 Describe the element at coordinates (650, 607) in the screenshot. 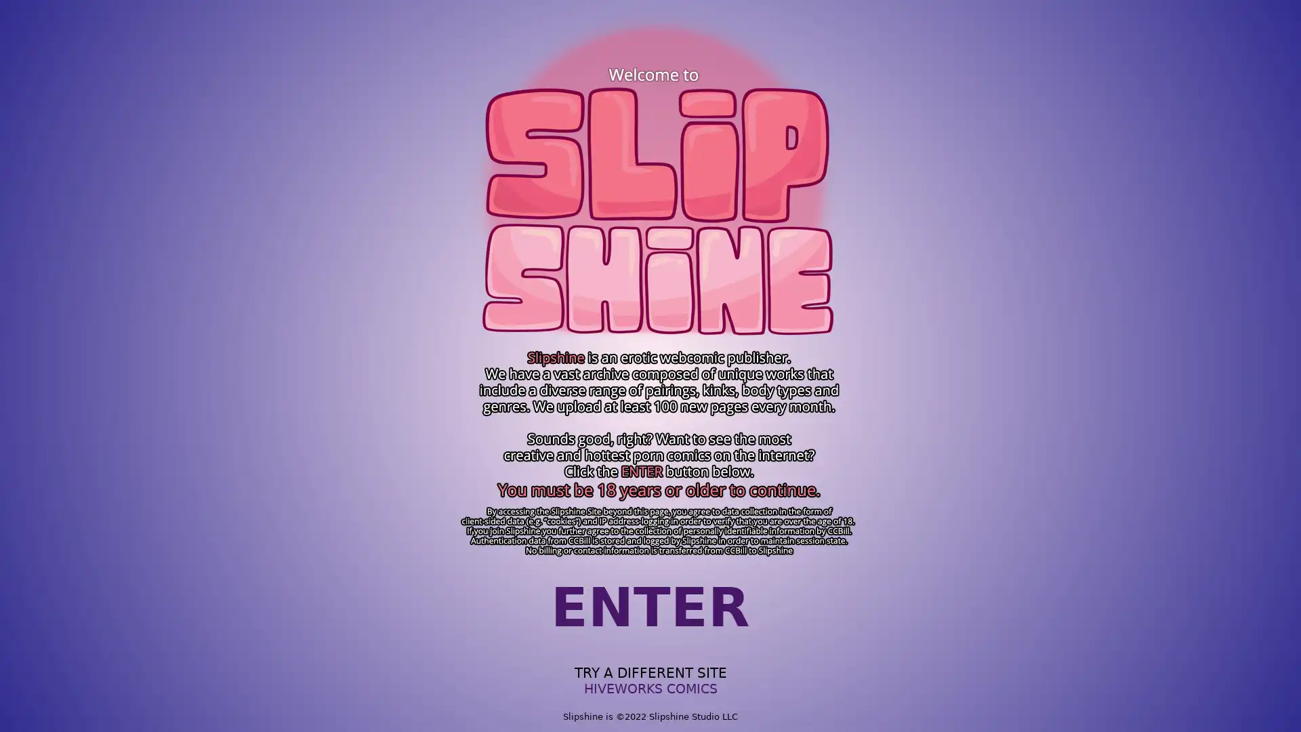

I see `ENTER` at that location.